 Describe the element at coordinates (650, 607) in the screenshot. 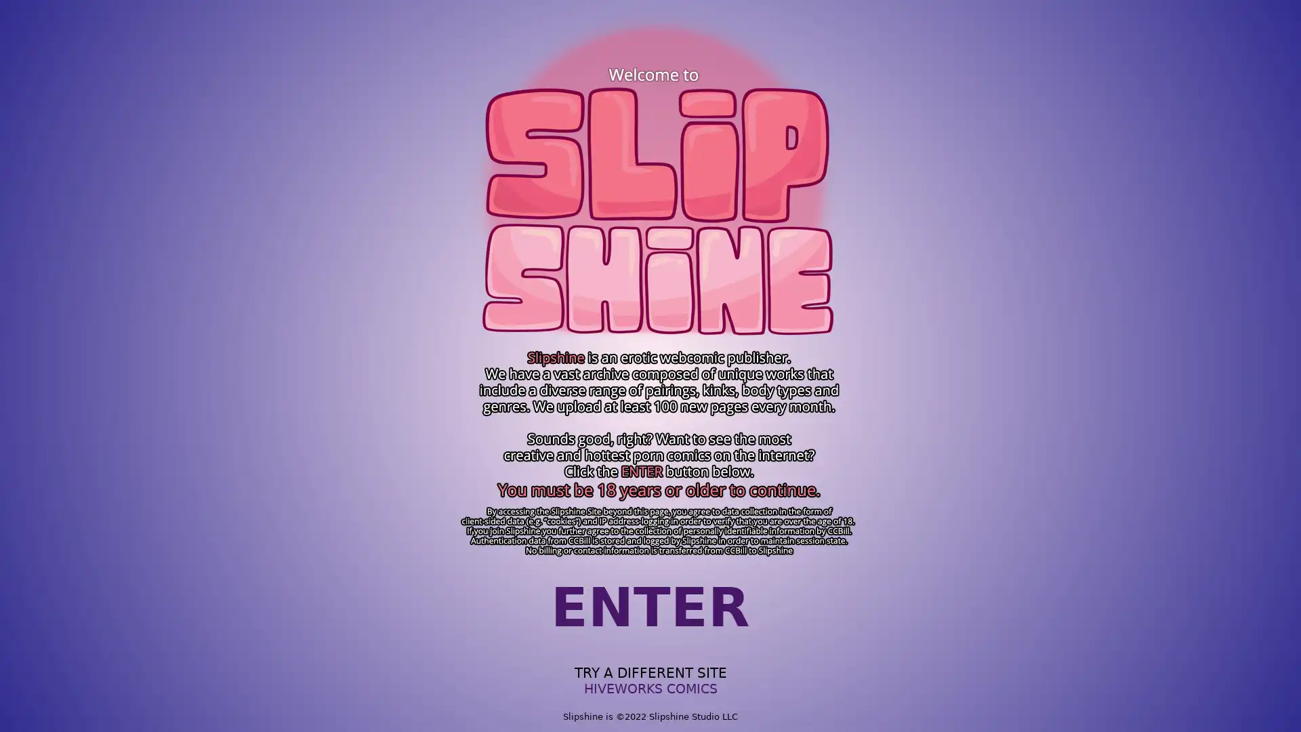

I see `ENTER` at that location.